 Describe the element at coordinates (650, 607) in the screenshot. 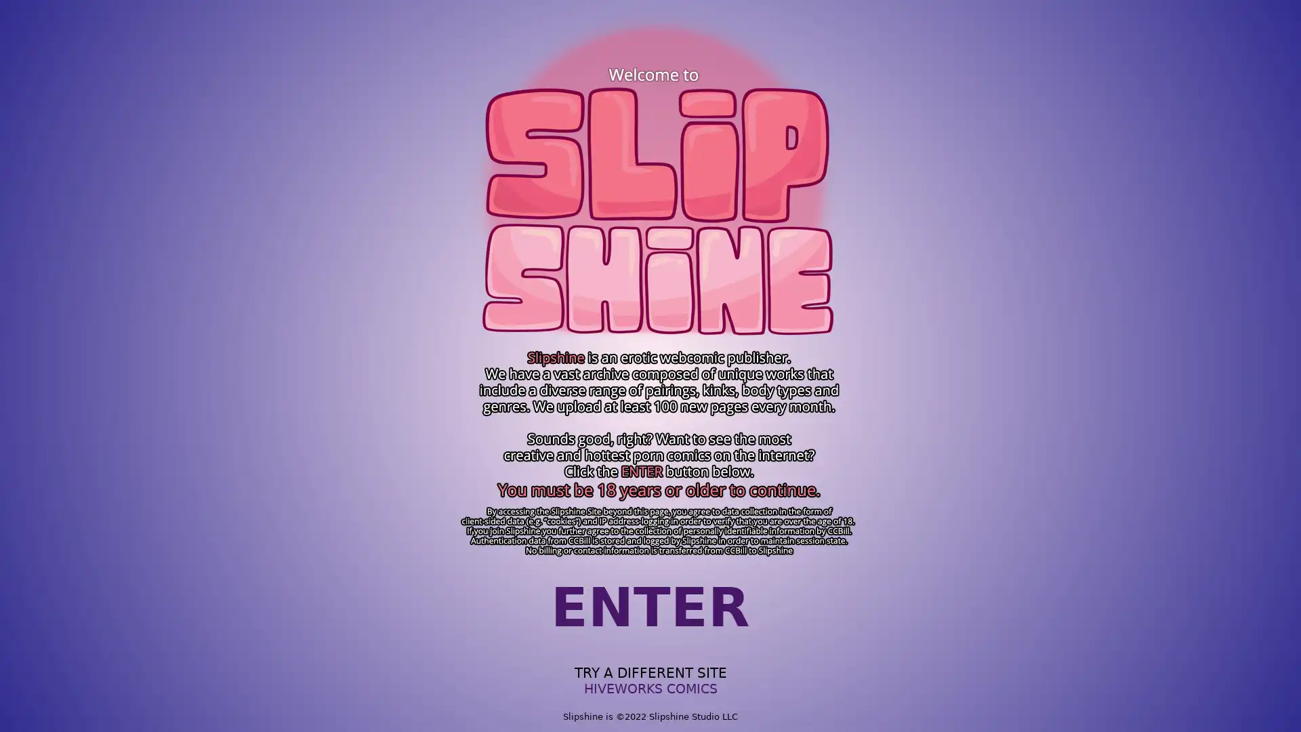

I see `ENTER` at that location.